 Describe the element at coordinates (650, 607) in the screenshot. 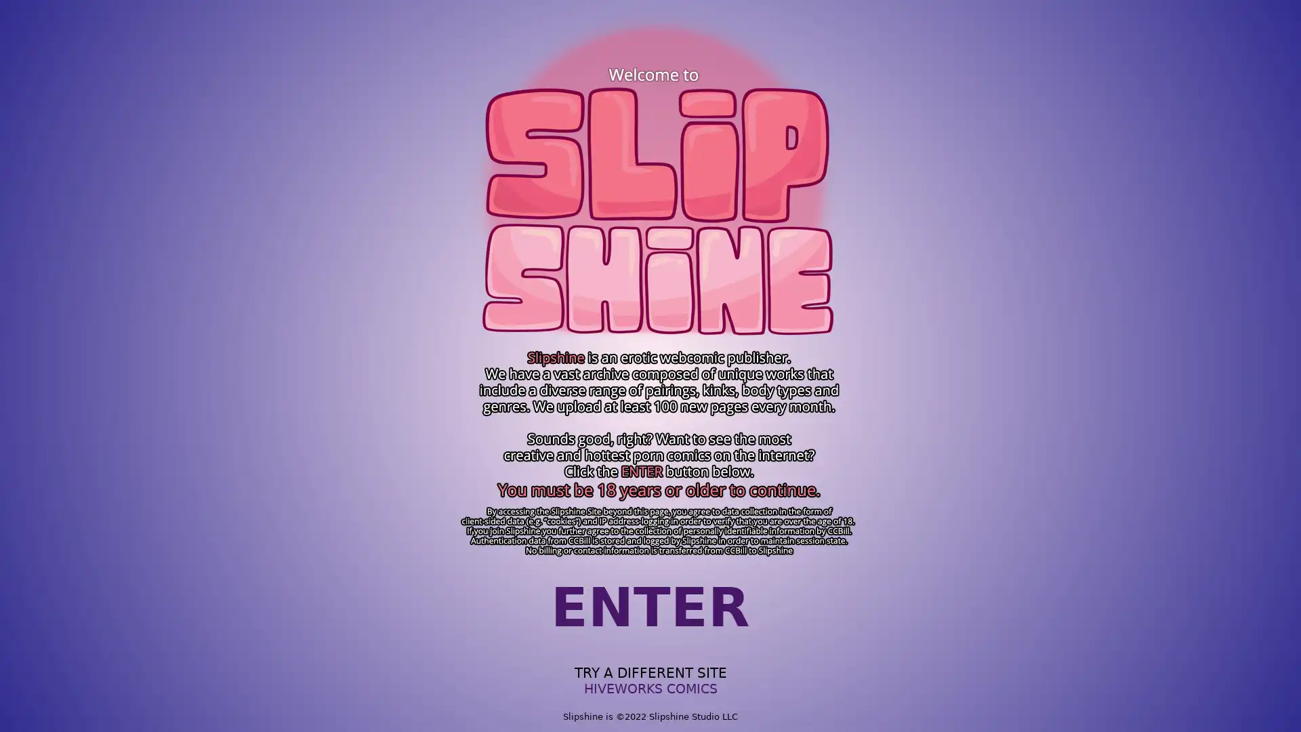

I see `ENTER` at that location.